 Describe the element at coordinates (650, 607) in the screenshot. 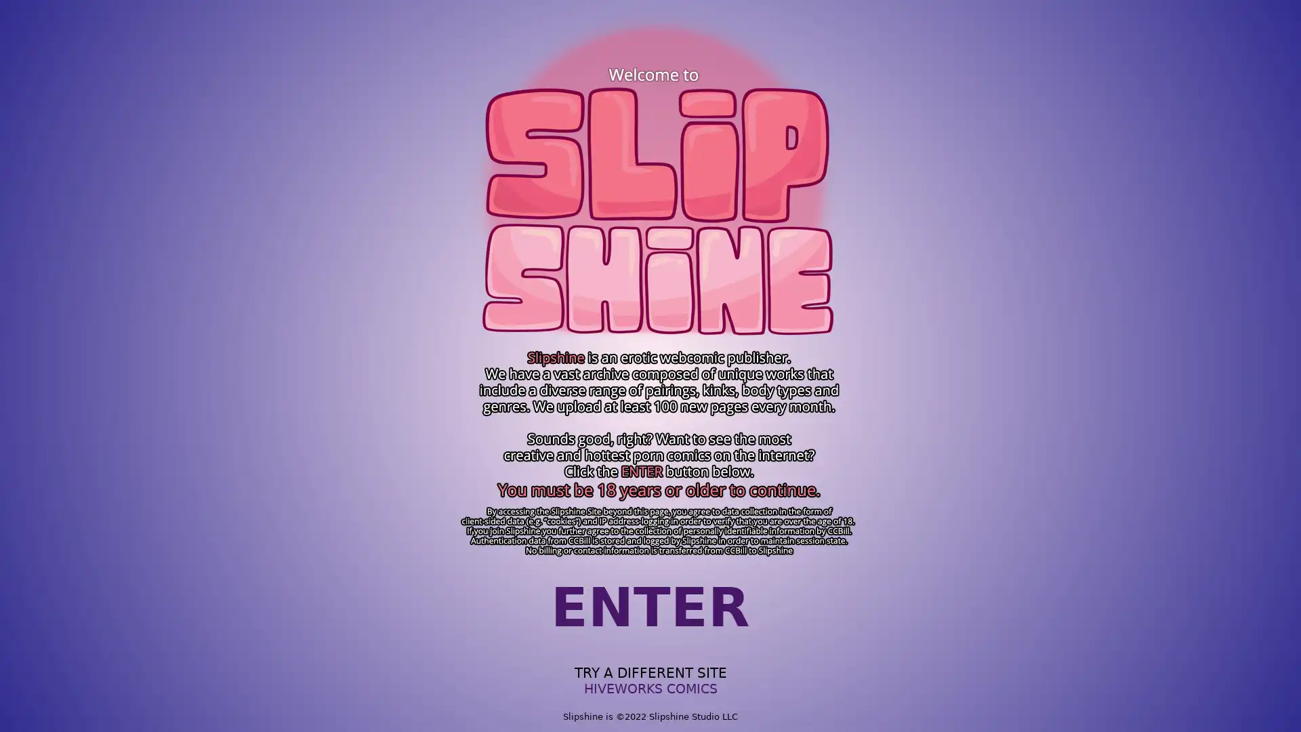

I see `ENTER` at that location.